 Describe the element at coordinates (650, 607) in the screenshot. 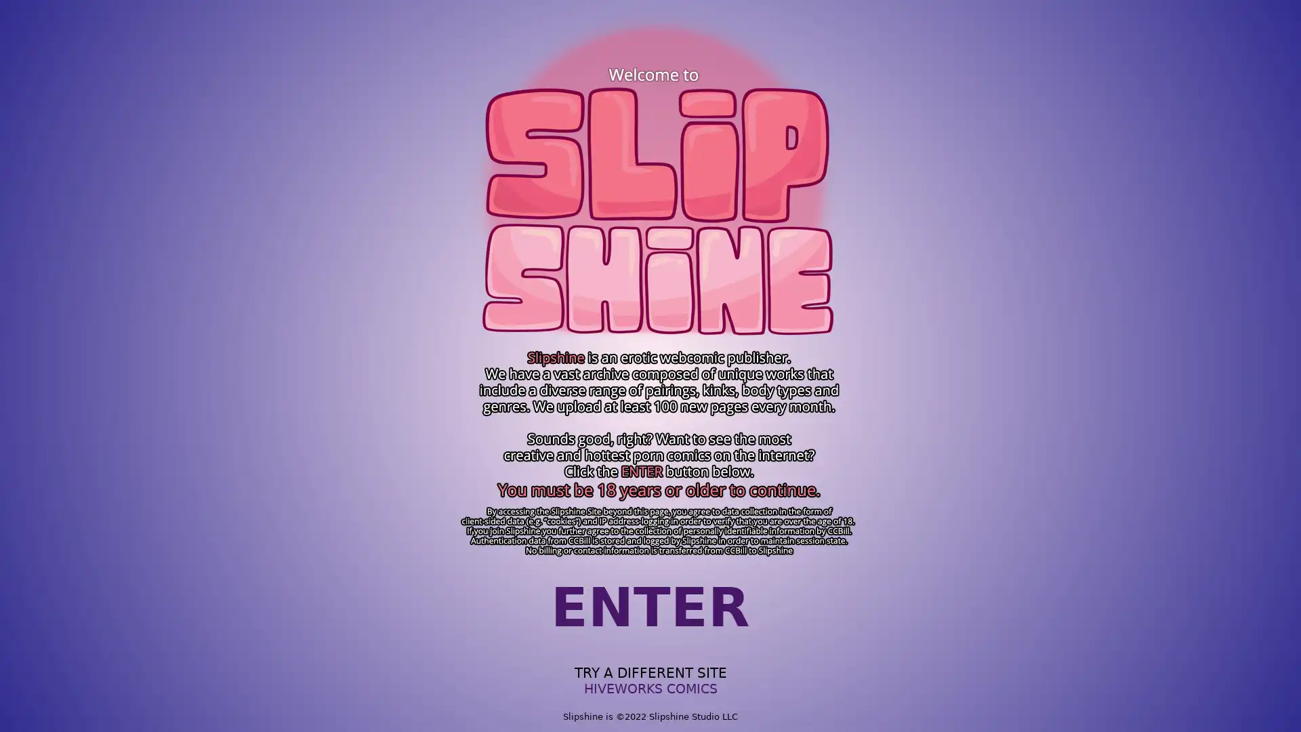

I see `ENTER` at that location.